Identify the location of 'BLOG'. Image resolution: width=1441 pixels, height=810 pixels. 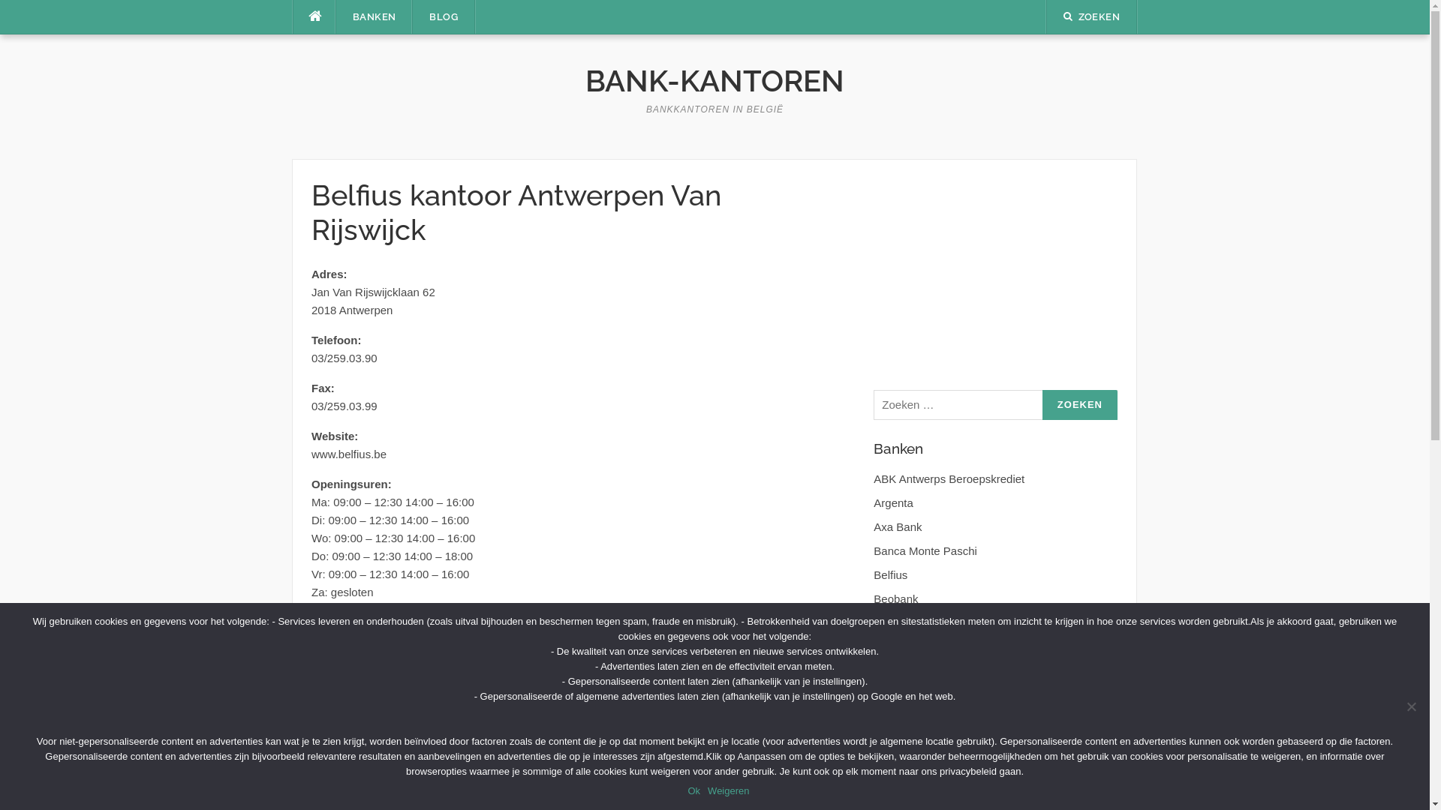
(442, 17).